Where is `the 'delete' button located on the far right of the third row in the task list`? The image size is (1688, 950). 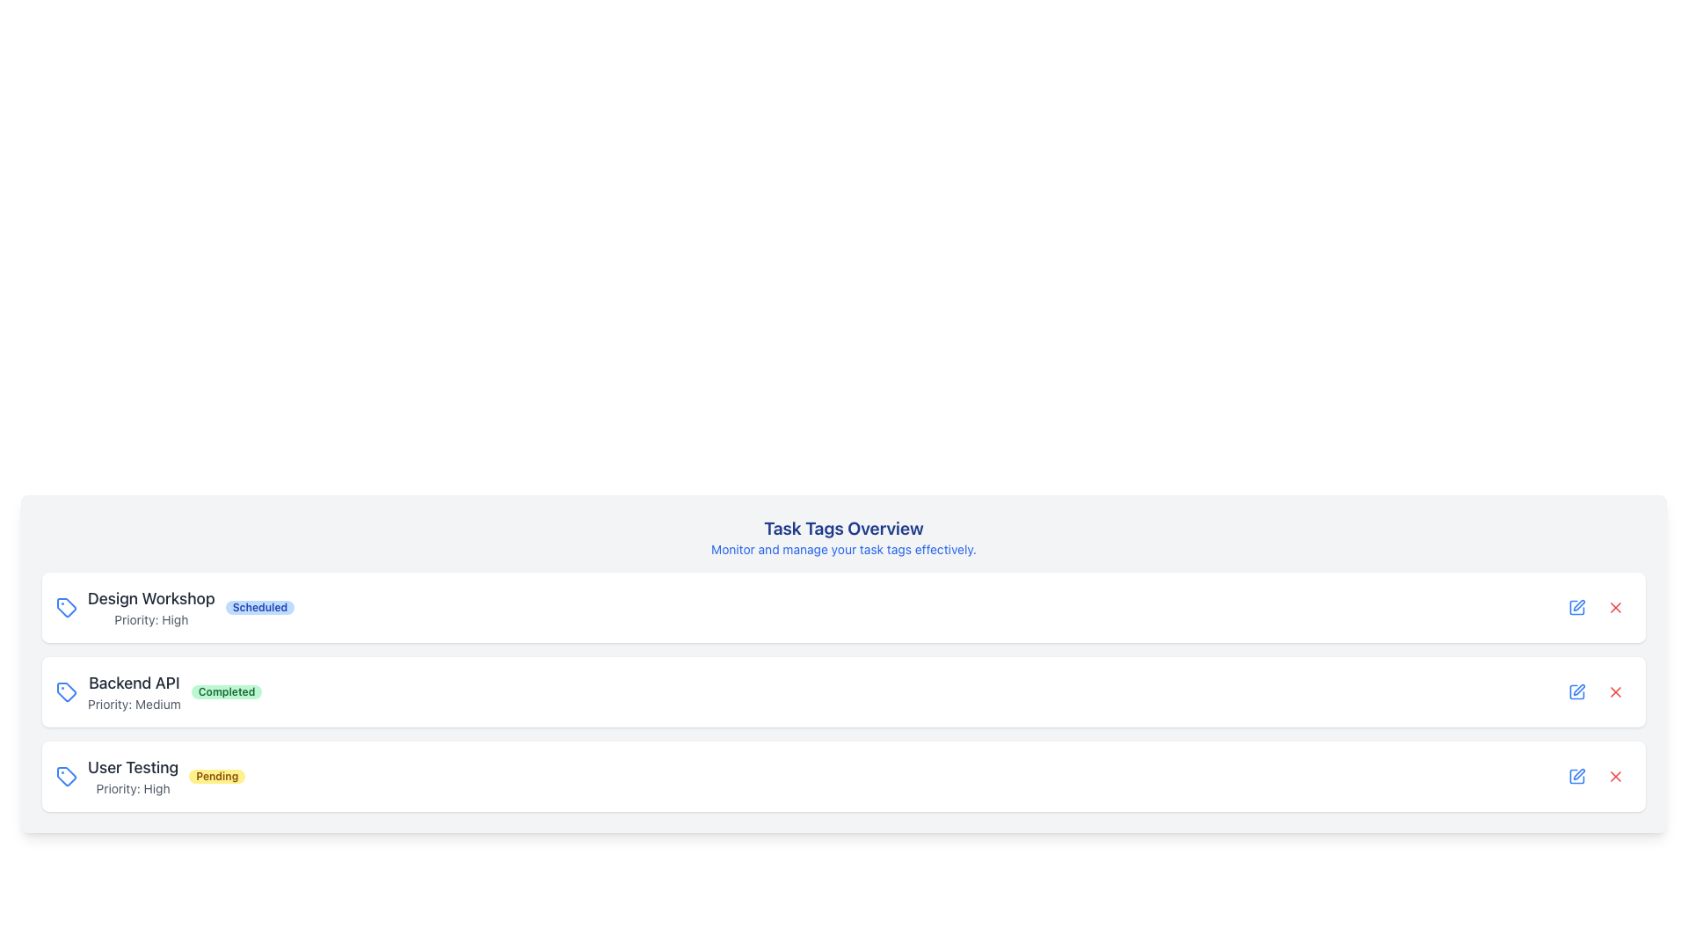
the 'delete' button located on the far right of the third row in the task list is located at coordinates (1616, 691).